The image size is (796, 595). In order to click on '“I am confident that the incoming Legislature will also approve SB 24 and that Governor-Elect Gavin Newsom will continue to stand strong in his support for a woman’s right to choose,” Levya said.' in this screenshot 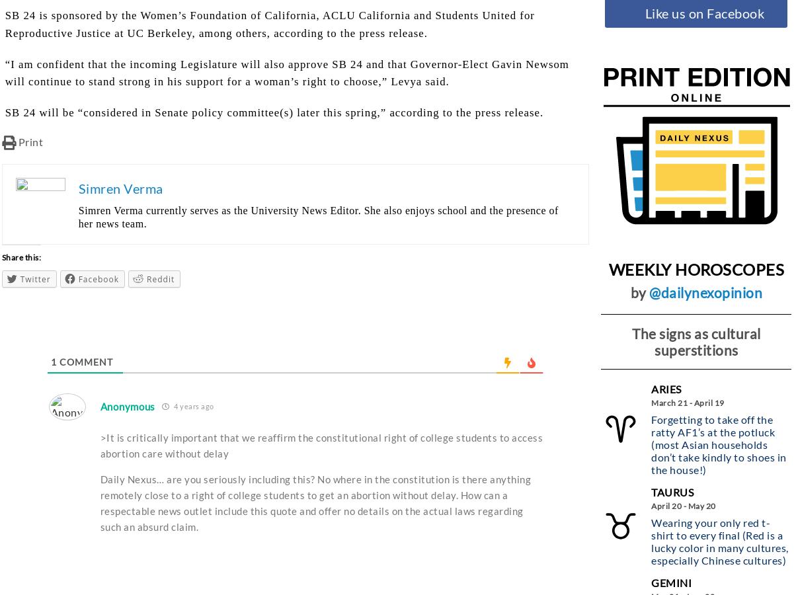, I will do `click(286, 71)`.